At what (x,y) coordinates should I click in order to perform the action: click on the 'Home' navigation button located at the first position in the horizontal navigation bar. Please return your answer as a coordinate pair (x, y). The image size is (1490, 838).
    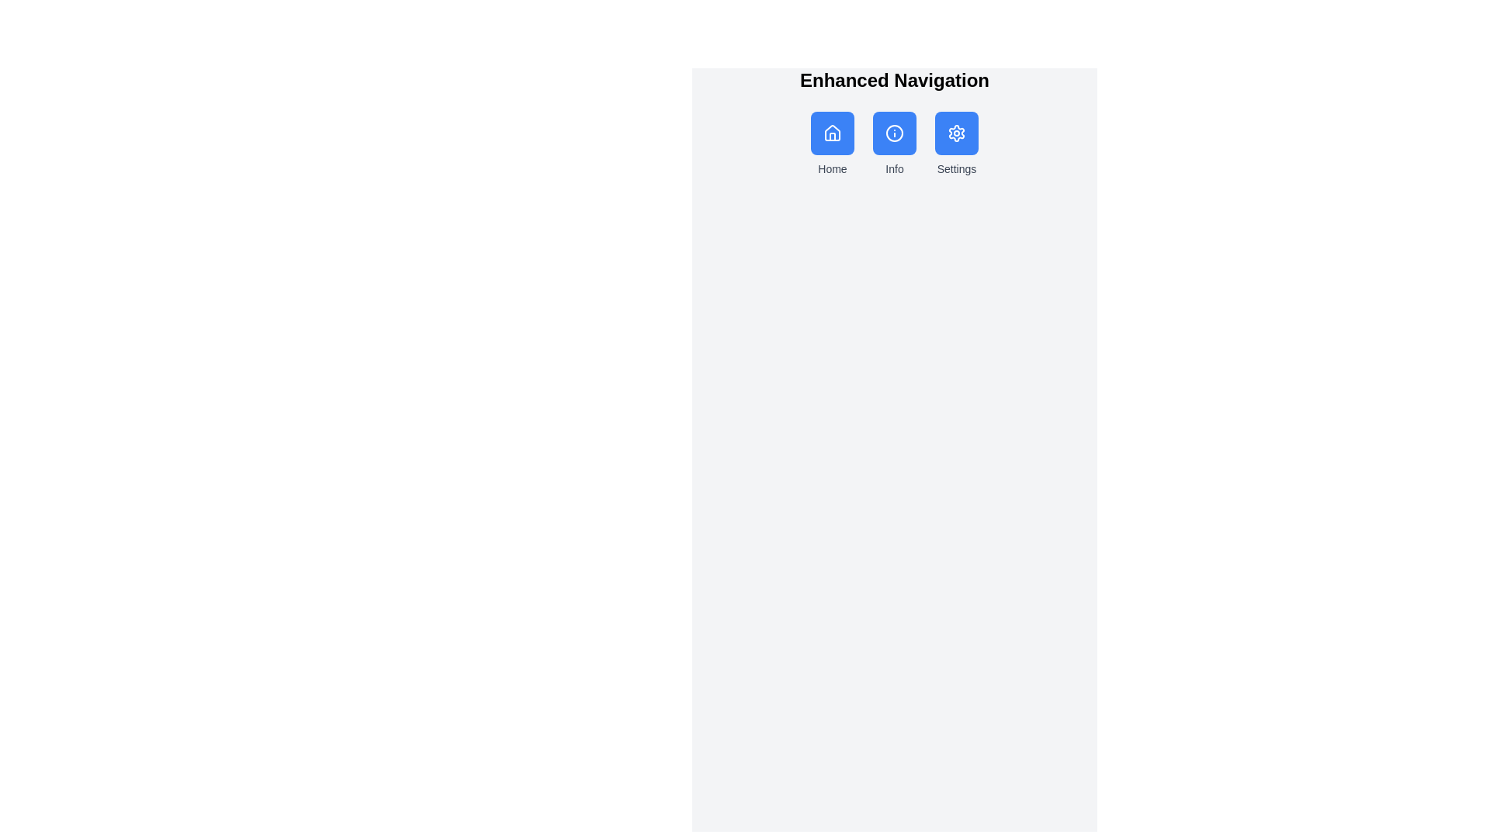
    Looking at the image, I should click on (832, 144).